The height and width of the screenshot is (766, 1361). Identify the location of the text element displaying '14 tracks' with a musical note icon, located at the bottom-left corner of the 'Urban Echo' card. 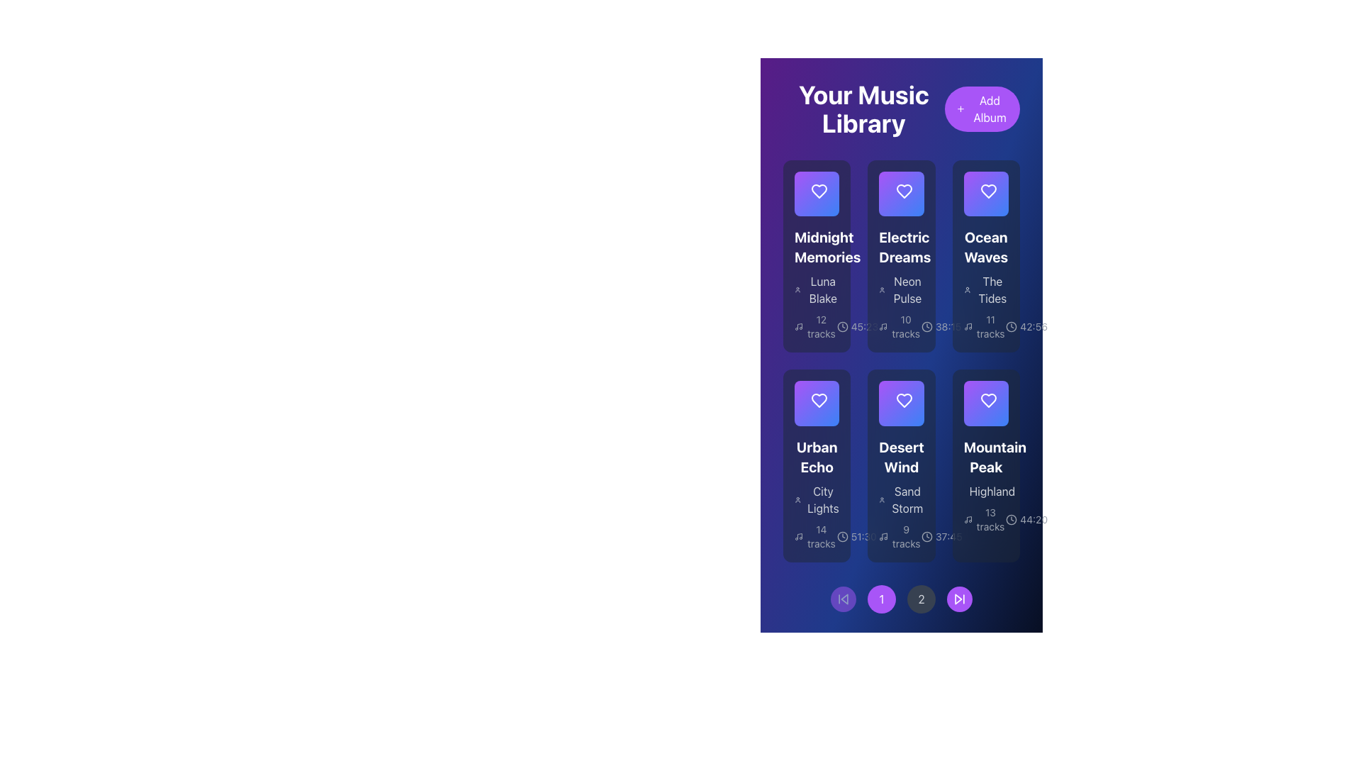
(815, 536).